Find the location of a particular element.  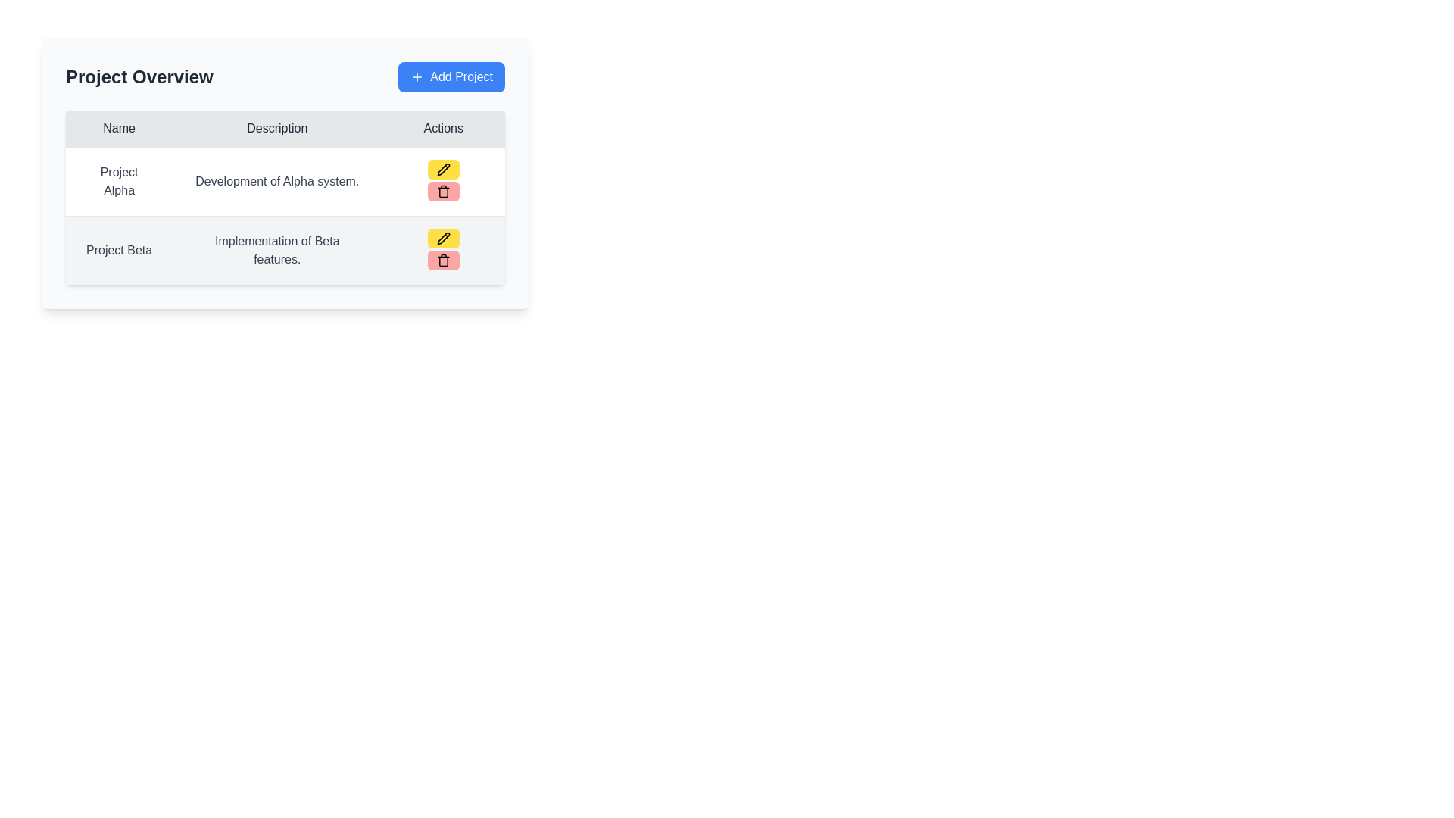

the descriptive text label in the 'Description' column of the table for 'Project Alpha', which provides details about the associated project is located at coordinates (277, 180).